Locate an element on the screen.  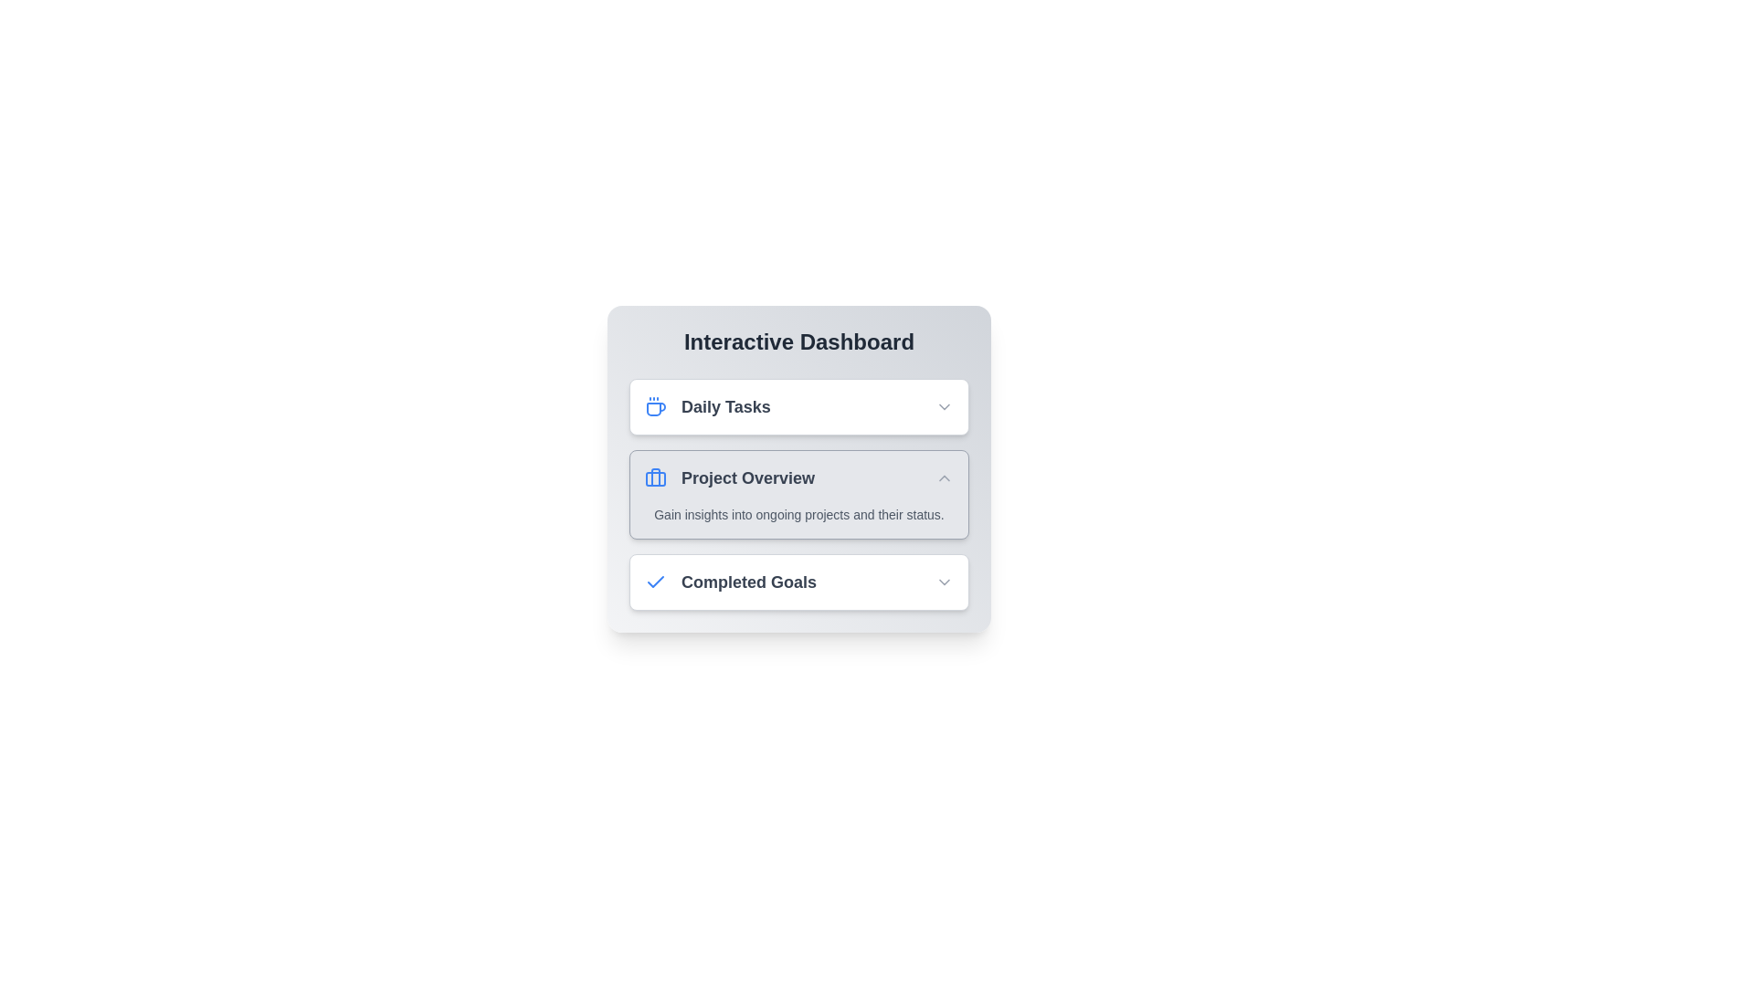
the specified section of the dashboard: Daily Tasks is located at coordinates (798, 406).